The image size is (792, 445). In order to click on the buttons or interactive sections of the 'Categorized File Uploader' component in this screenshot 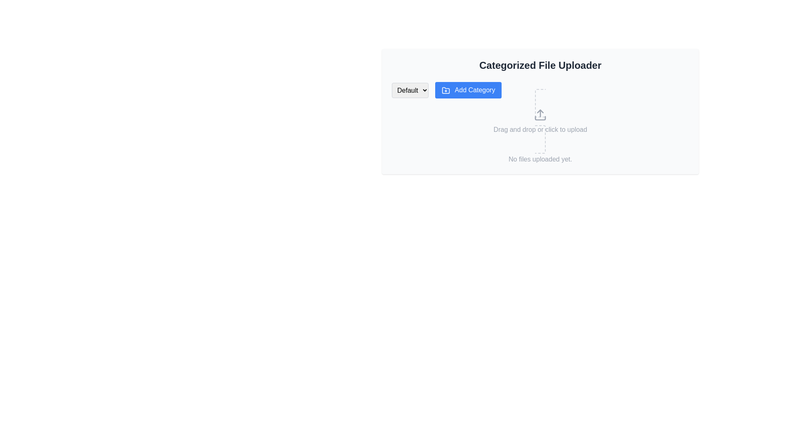, I will do `click(540, 111)`.